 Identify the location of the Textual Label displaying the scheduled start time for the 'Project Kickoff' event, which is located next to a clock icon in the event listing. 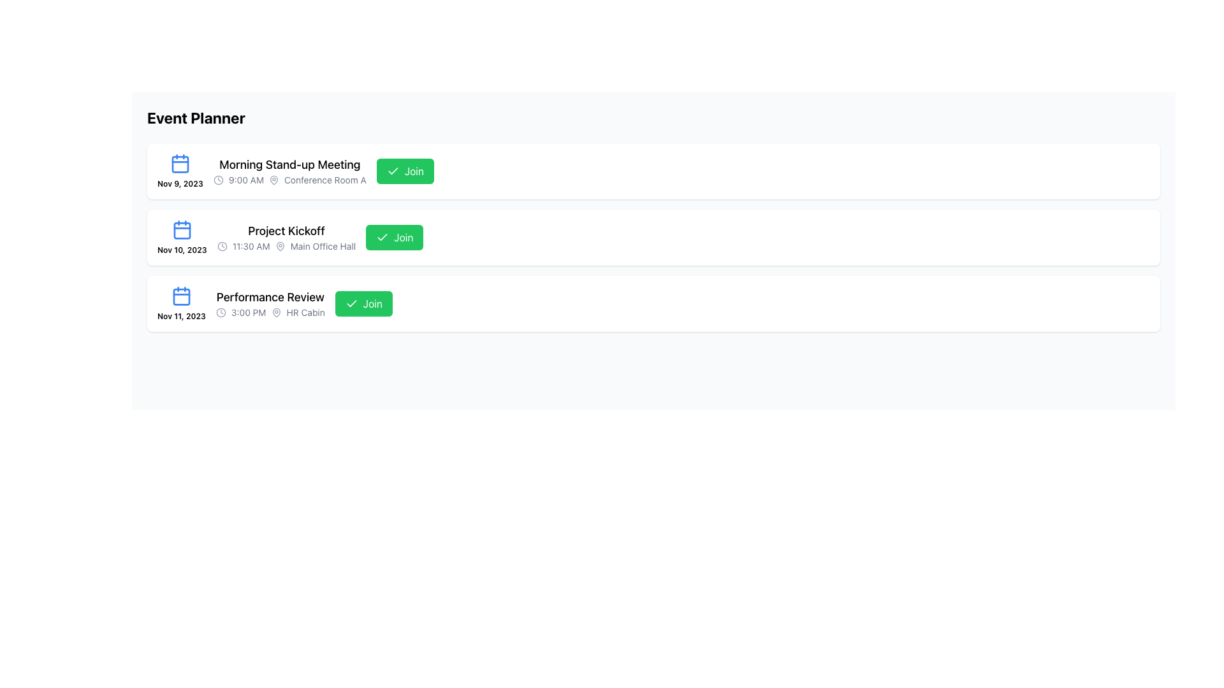
(251, 246).